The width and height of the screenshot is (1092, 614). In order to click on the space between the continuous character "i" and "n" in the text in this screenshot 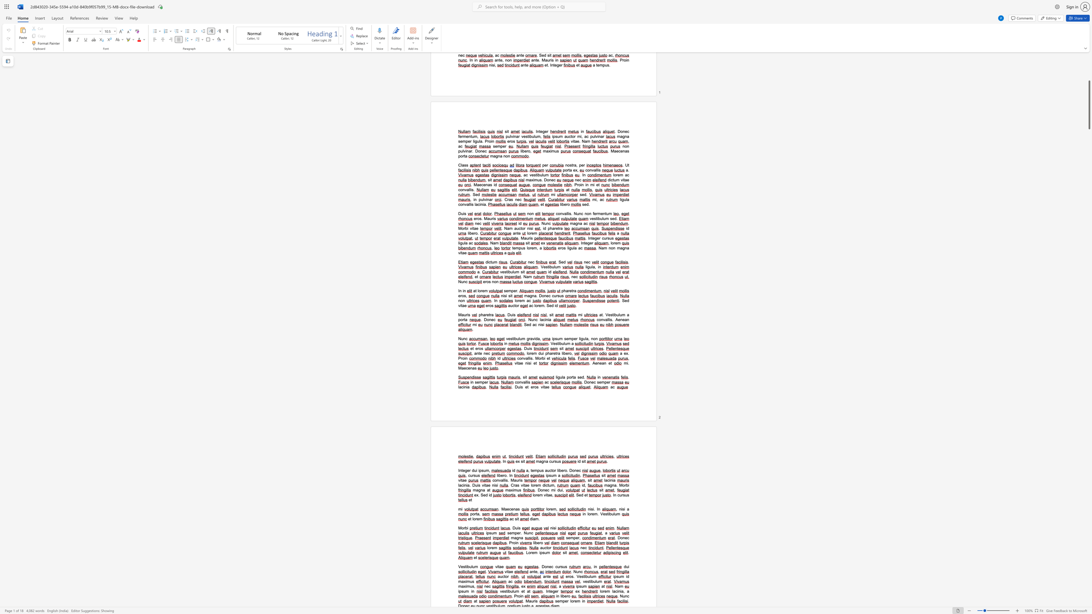, I will do `click(465, 358)`.